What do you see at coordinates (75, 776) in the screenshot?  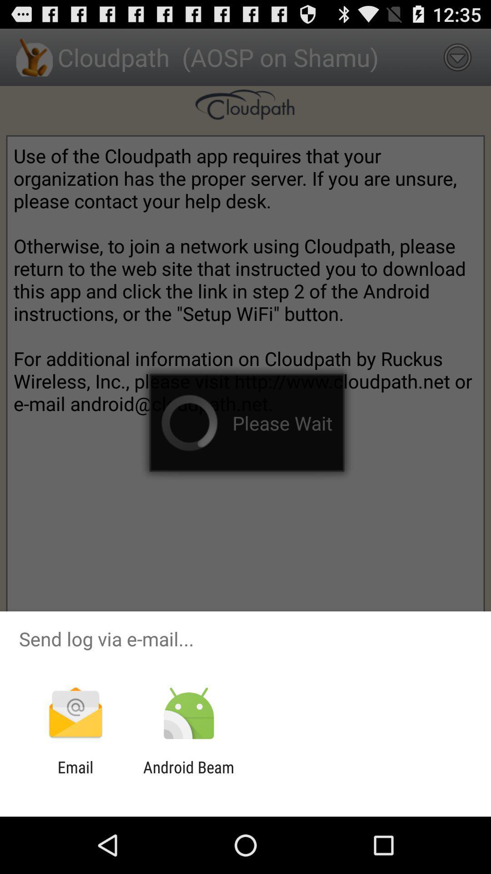 I see `email` at bounding box center [75, 776].